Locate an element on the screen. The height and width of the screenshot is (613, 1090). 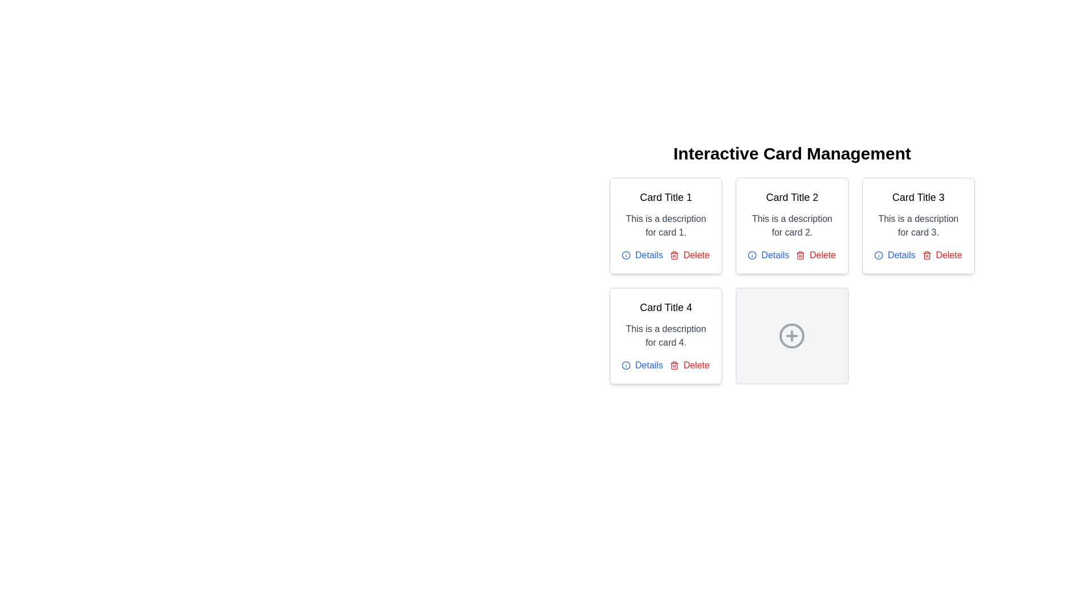
the decorative part of the trash can icon located near the center-right of the 'Delete' button within the card representing 'Card Title 4' is located at coordinates (674, 366).